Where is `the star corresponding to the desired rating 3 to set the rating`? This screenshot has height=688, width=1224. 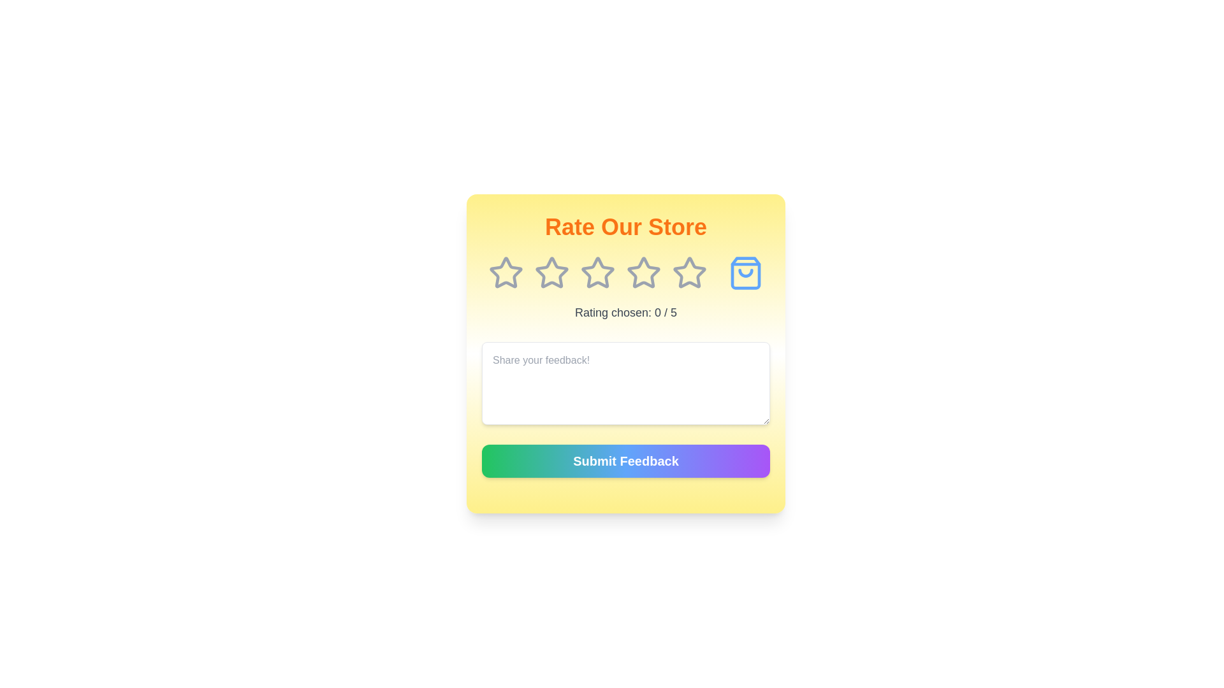
the star corresponding to the desired rating 3 to set the rating is located at coordinates (597, 272).